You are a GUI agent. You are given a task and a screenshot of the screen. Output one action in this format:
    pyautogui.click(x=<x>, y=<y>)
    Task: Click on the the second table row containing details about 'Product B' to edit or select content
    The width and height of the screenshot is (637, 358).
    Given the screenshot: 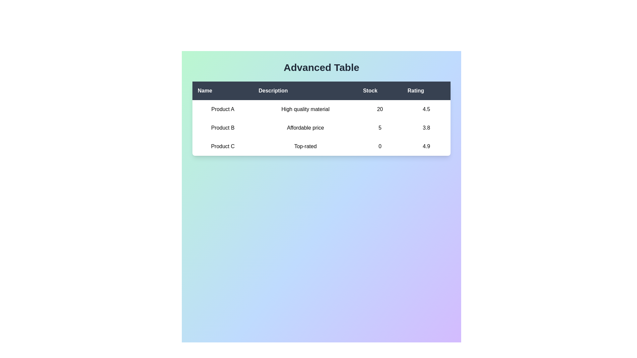 What is the action you would take?
    pyautogui.click(x=321, y=128)
    